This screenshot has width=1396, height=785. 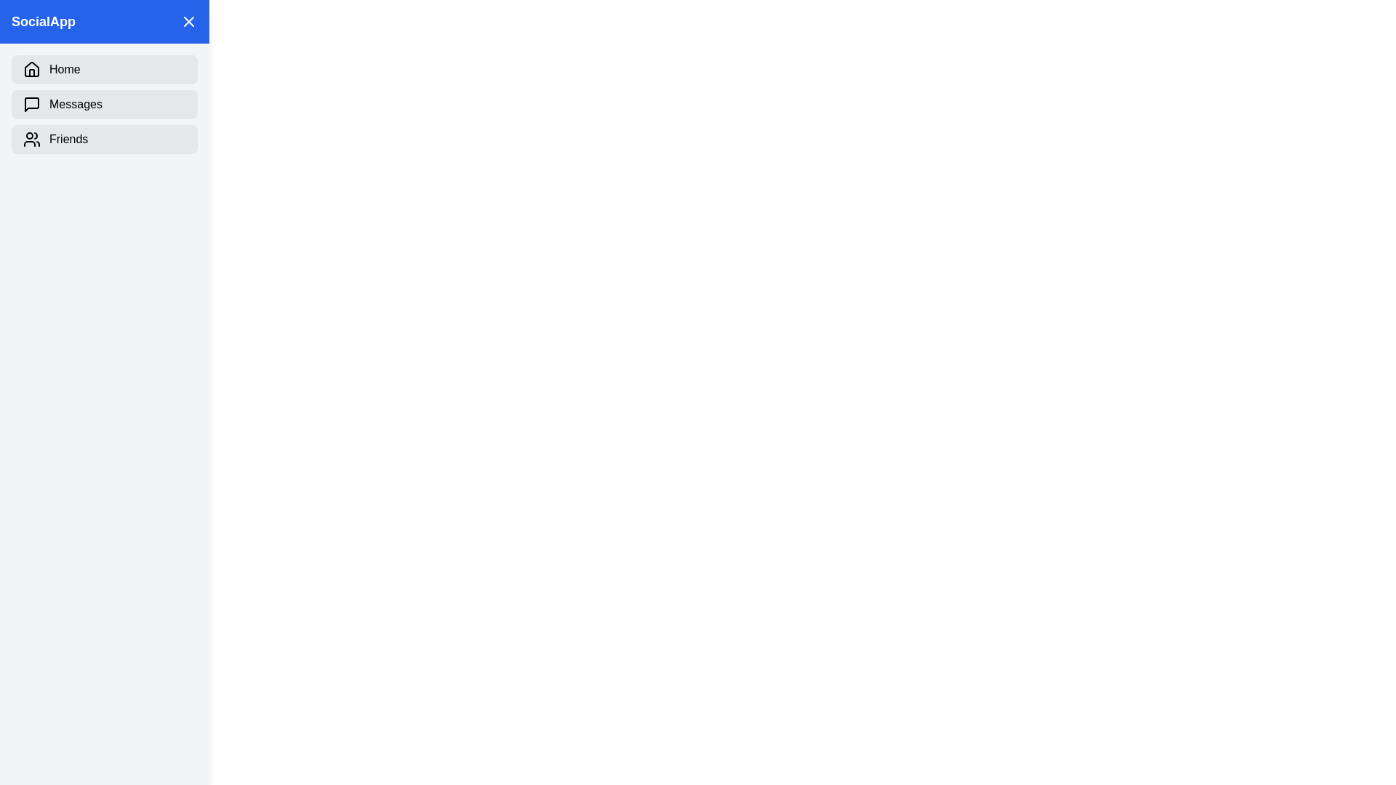 I want to click on the navigation item Messages in the sidebar, so click(x=104, y=103).